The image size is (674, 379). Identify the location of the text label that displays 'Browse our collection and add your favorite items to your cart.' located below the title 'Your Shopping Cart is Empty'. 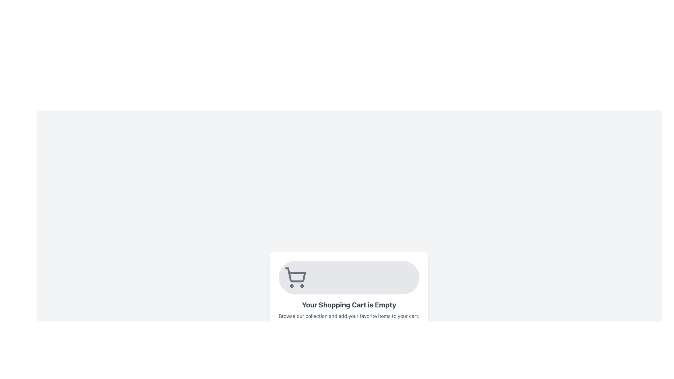
(349, 316).